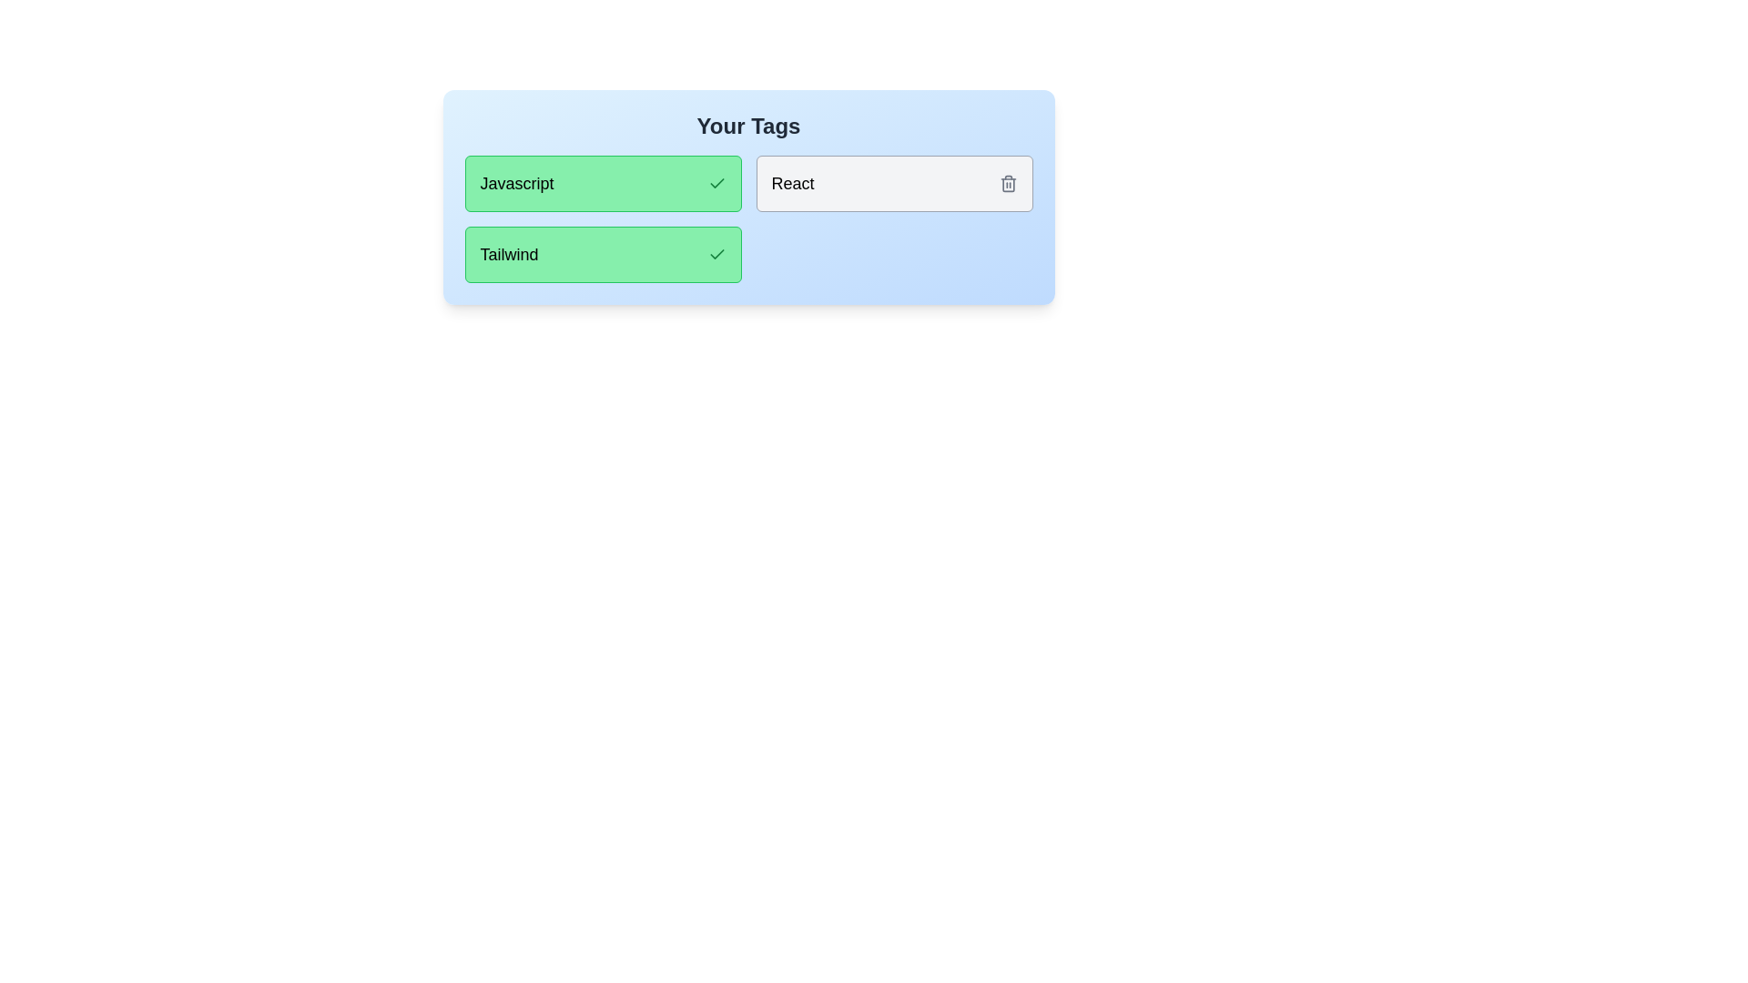  What do you see at coordinates (894, 183) in the screenshot?
I see `the tag with text React to toggle its status` at bounding box center [894, 183].